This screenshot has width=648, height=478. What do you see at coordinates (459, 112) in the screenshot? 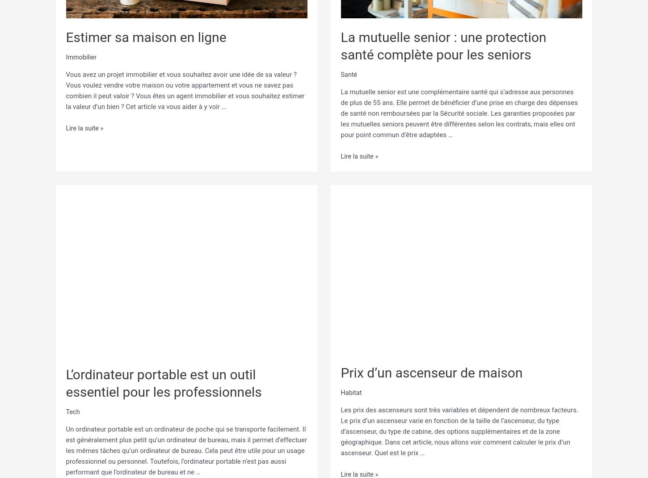
I see `'La mutuelle senior est une complémentaire santé qui s’adresse aux personnes de plus de 55 ans. Elle permet de bénéficier d’une prise en charge des dépenses de santé non remboursées par la Sécurité sociale. Les garanties proposées par les mutuelles seniors peuvent être différentes selon les contrats, mais elles ont pour point commun d’être adaptées …'` at bounding box center [459, 112].